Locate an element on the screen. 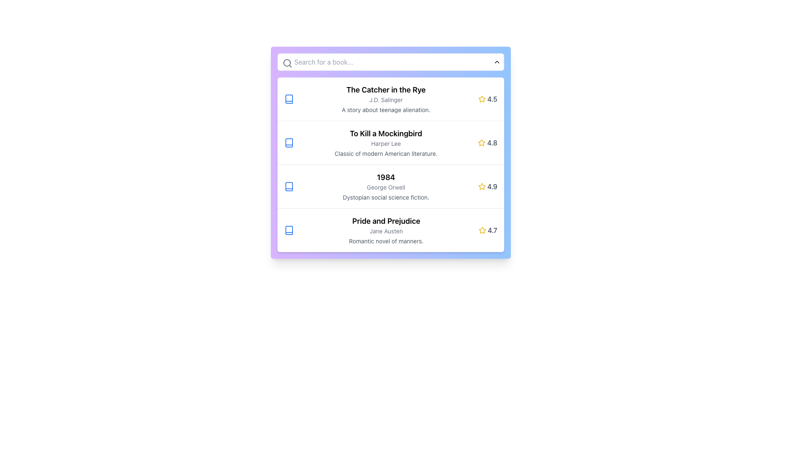 This screenshot has width=800, height=450. the Rating Display Component that shows the rating for the book 'Pride and Prejudice', located at the bottom-right corner of the list item next to the text 'Romantic novel of manners.' is located at coordinates (488, 230).